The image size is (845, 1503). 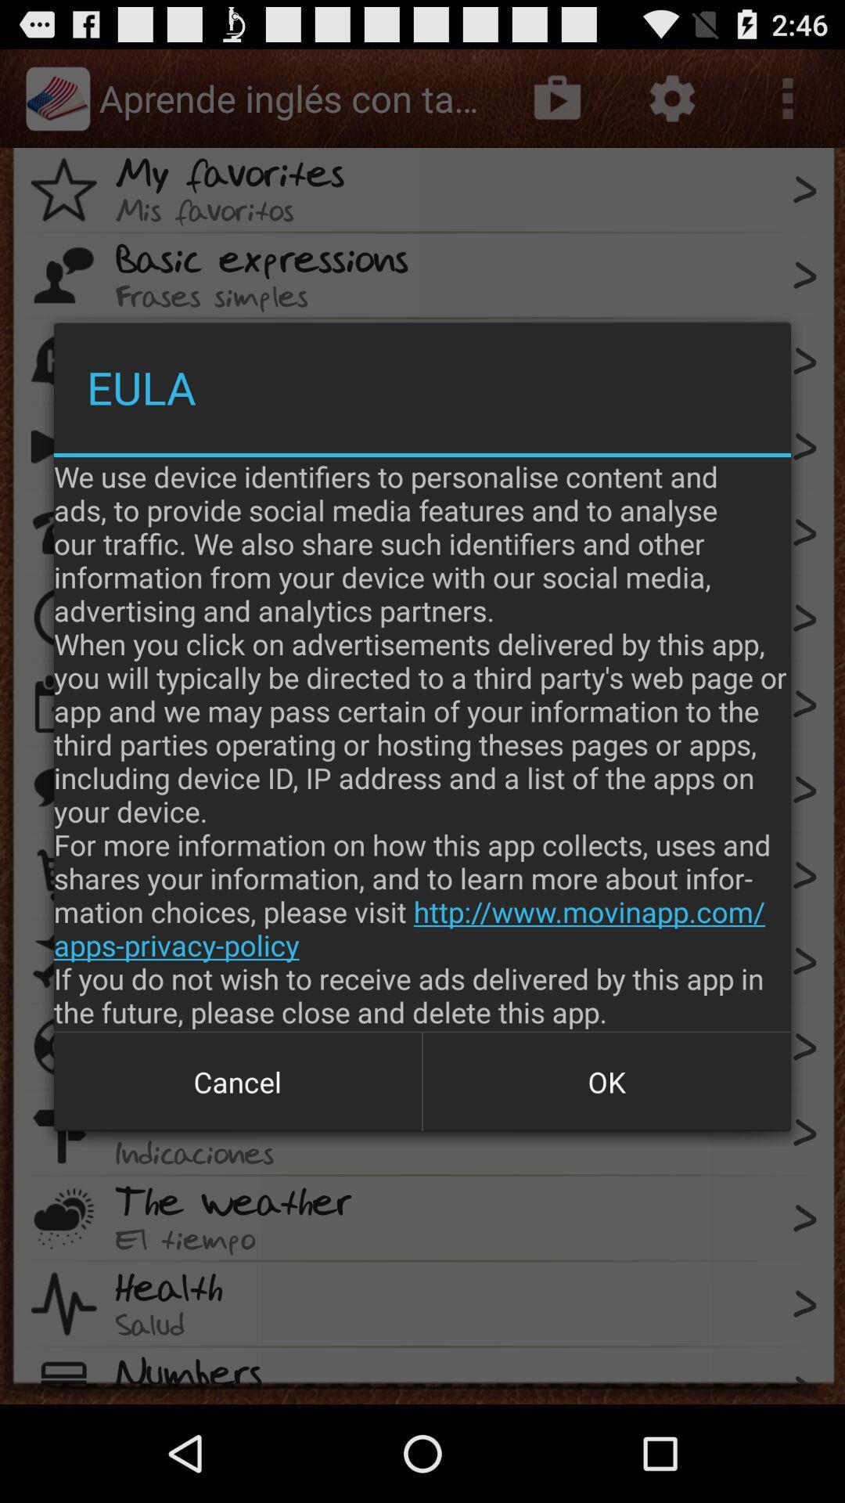 What do you see at coordinates (238, 1081) in the screenshot?
I see `the item next to ok icon` at bounding box center [238, 1081].